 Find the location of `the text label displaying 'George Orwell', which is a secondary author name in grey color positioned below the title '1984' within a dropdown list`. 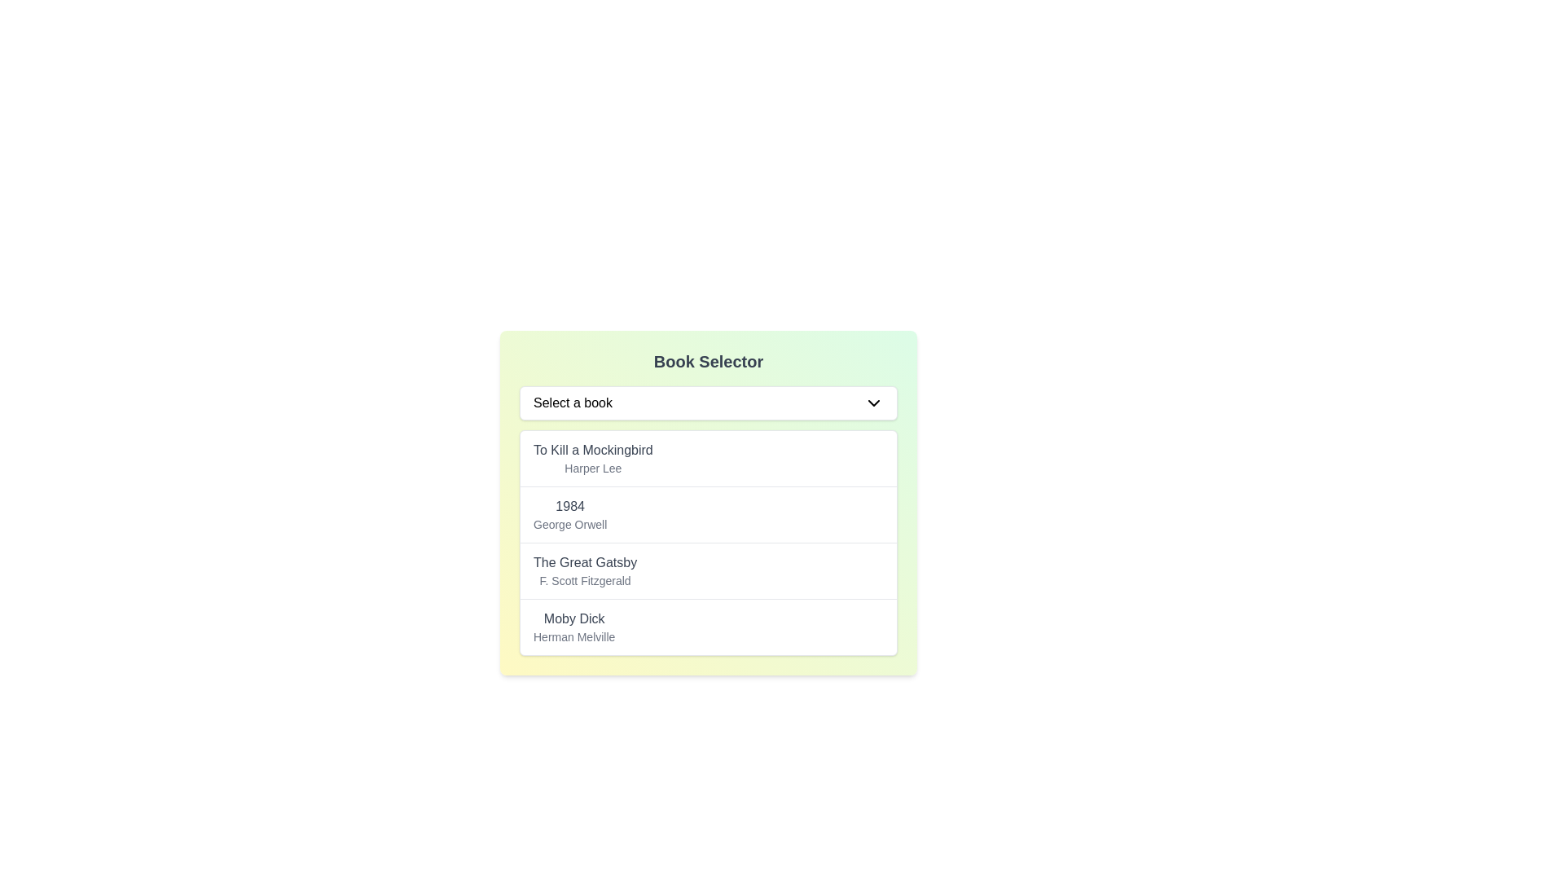

the text label displaying 'George Orwell', which is a secondary author name in grey color positioned below the title '1984' within a dropdown list is located at coordinates (570, 525).